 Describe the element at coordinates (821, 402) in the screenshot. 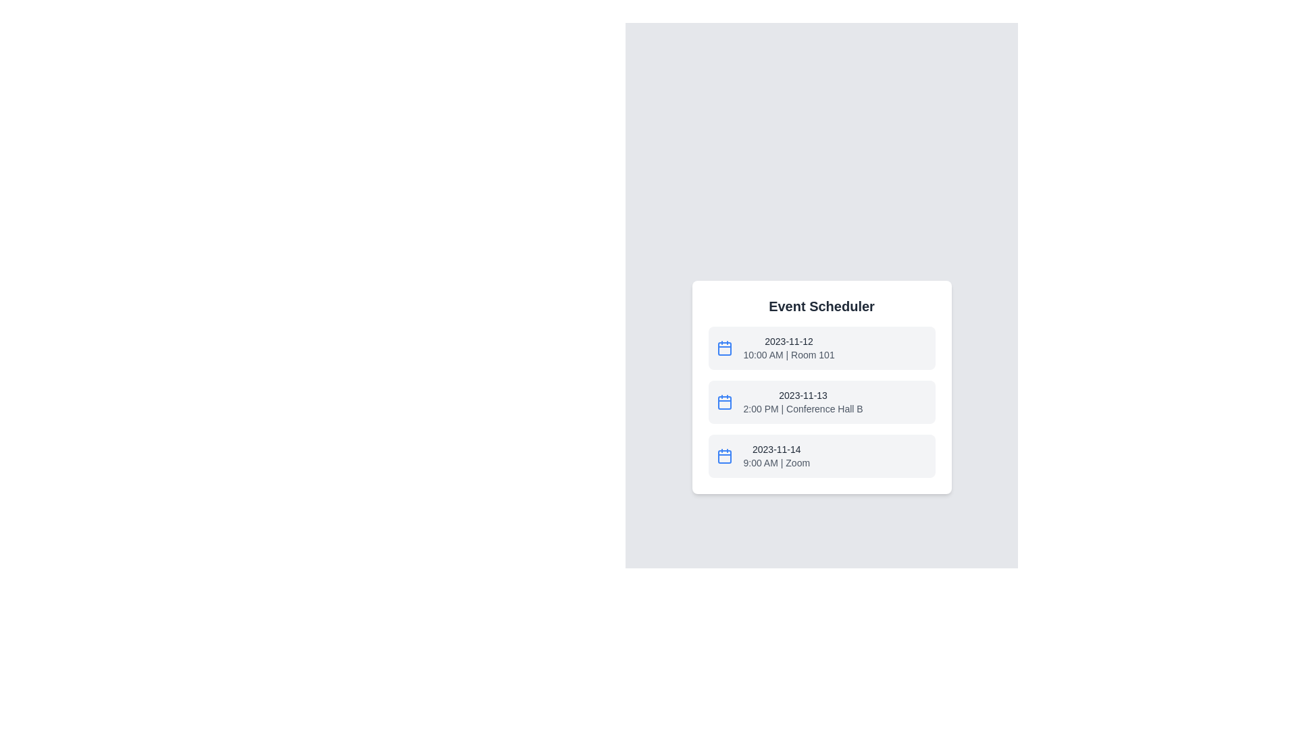

I see `the second calendar event box, which has a light gray background, a blue calendar icon on the left, and contains a bold date and time-location string` at that location.